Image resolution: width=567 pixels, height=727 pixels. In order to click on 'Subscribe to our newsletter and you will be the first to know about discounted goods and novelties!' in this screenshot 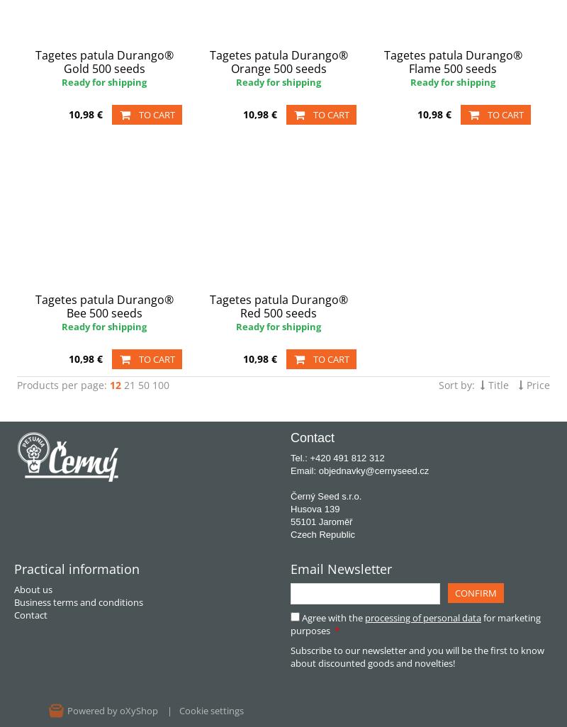, I will do `click(290, 656)`.